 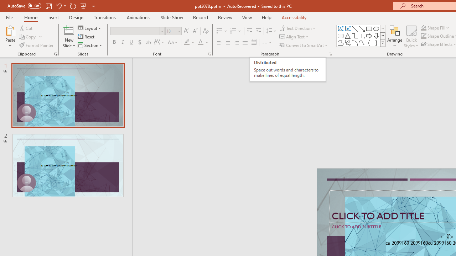 What do you see at coordinates (424, 27) in the screenshot?
I see `'Shape Fill Dark Green, Accent 2'` at bounding box center [424, 27].